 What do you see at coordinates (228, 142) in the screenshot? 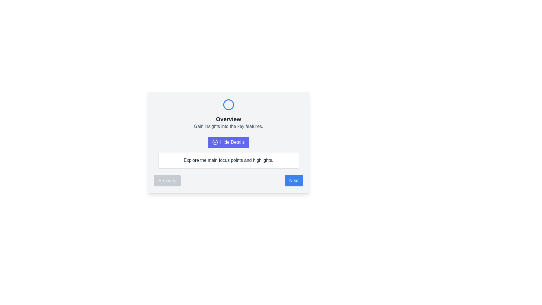
I see `the 'Hide Details' button to toggle the visibility of the details section` at bounding box center [228, 142].